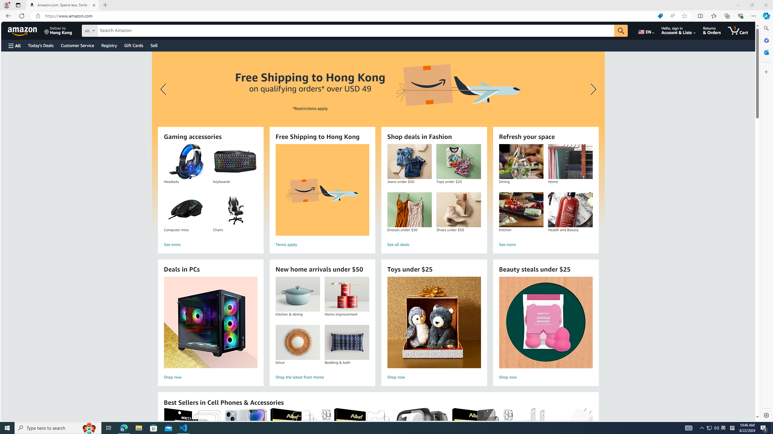  Describe the element at coordinates (297, 294) in the screenshot. I see `'Kitchen & dining'` at that location.